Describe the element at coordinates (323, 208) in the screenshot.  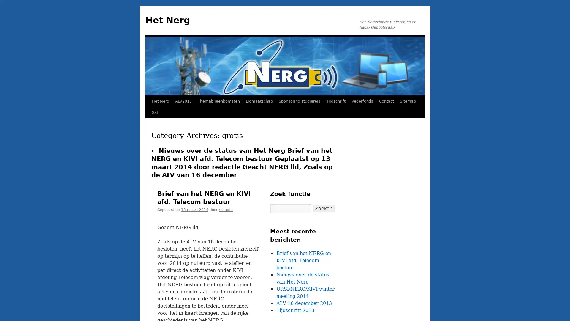
I see `Zoeken` at that location.